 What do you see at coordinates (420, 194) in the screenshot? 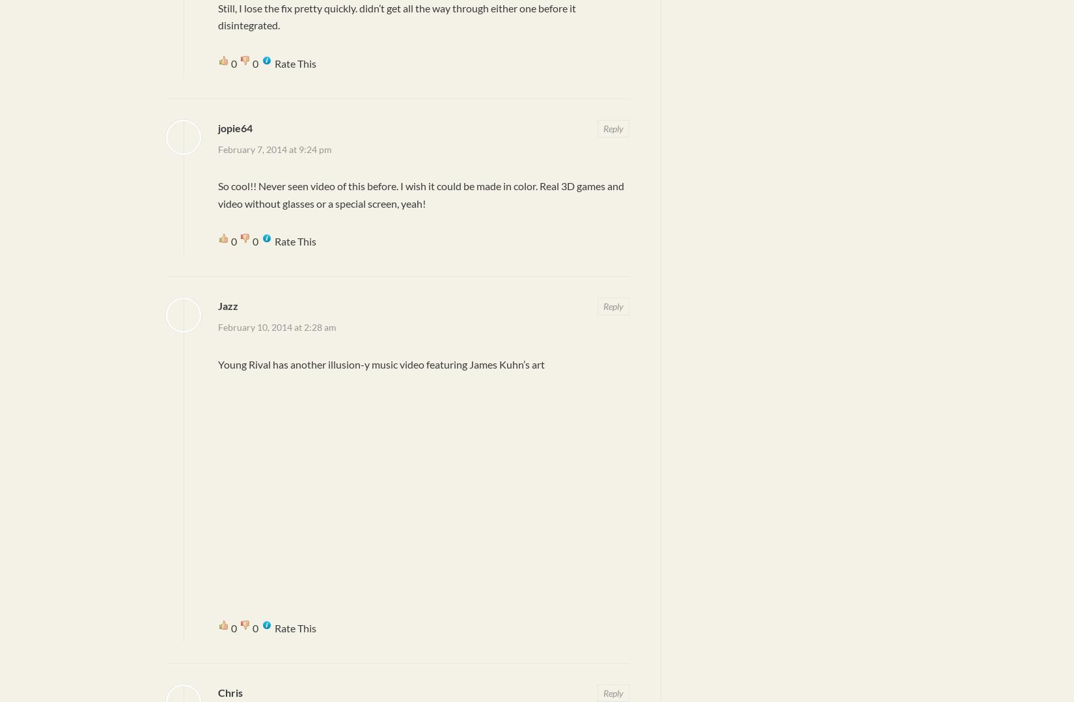
I see `'So cool!! Never seen video of this before. I wish it could be made in color. Real 3D games and video without glasses or a special screen, yeah!'` at bounding box center [420, 194].